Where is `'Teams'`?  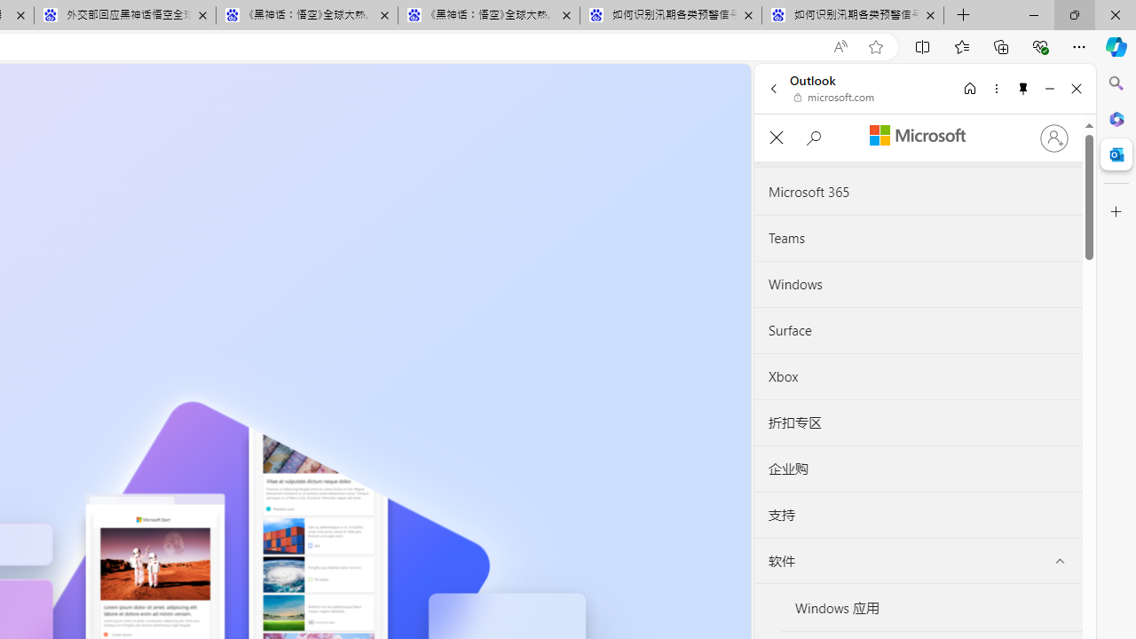 'Teams' is located at coordinates (918, 237).